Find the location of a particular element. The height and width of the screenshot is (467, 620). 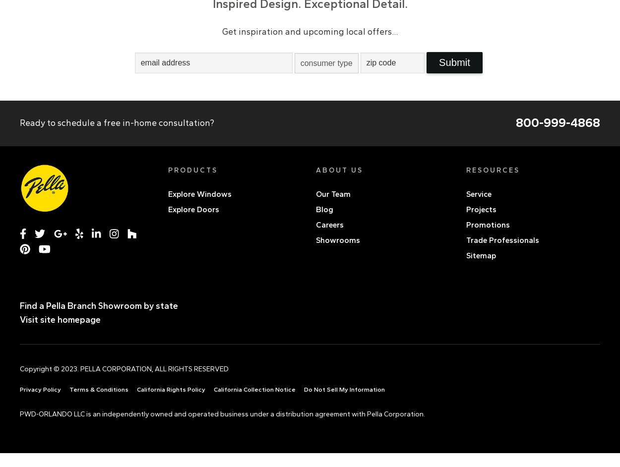

'Showrooms' is located at coordinates (338, 239).